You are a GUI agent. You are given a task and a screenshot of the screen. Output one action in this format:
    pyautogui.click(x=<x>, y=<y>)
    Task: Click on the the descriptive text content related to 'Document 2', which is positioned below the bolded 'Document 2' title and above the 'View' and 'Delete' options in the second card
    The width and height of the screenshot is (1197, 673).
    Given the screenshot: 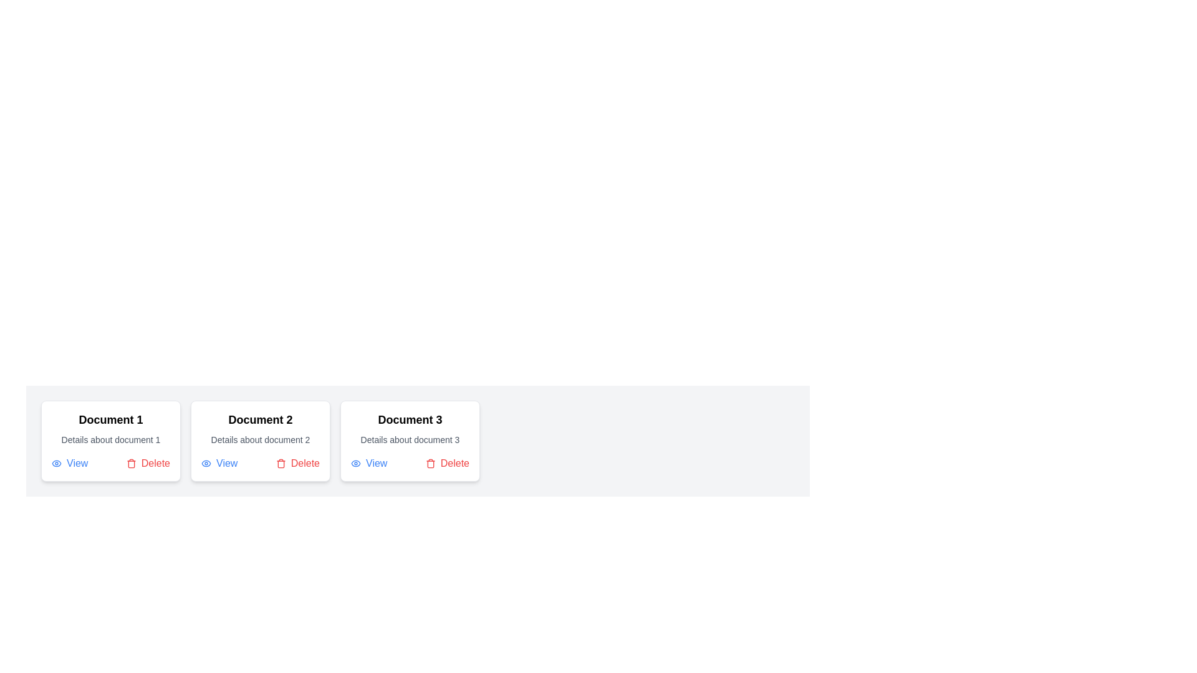 What is the action you would take?
    pyautogui.click(x=259, y=439)
    